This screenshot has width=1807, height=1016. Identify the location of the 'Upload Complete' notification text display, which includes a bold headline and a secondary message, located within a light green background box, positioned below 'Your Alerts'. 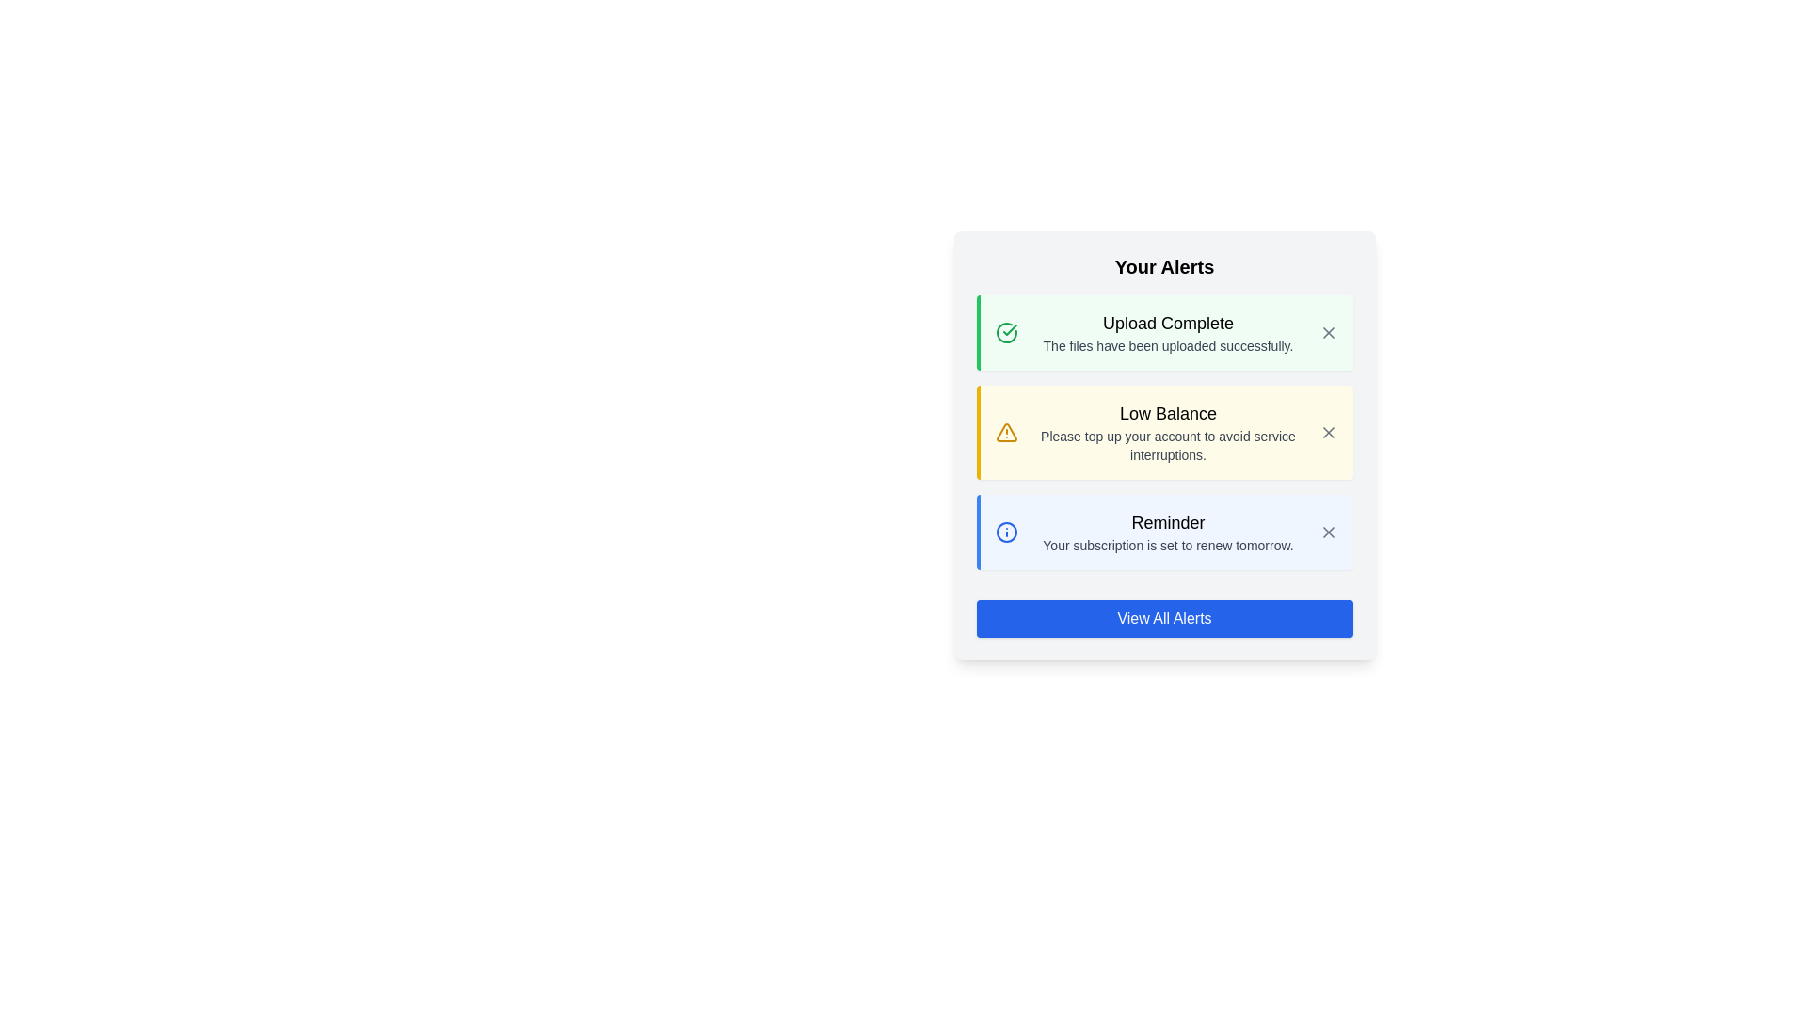
(1167, 332).